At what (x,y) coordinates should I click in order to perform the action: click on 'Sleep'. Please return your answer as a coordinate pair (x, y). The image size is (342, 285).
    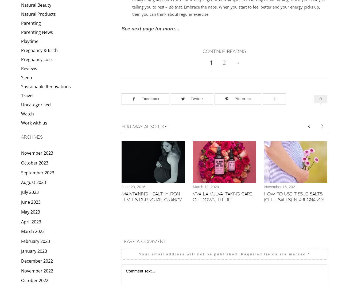
    Looking at the image, I should click on (26, 77).